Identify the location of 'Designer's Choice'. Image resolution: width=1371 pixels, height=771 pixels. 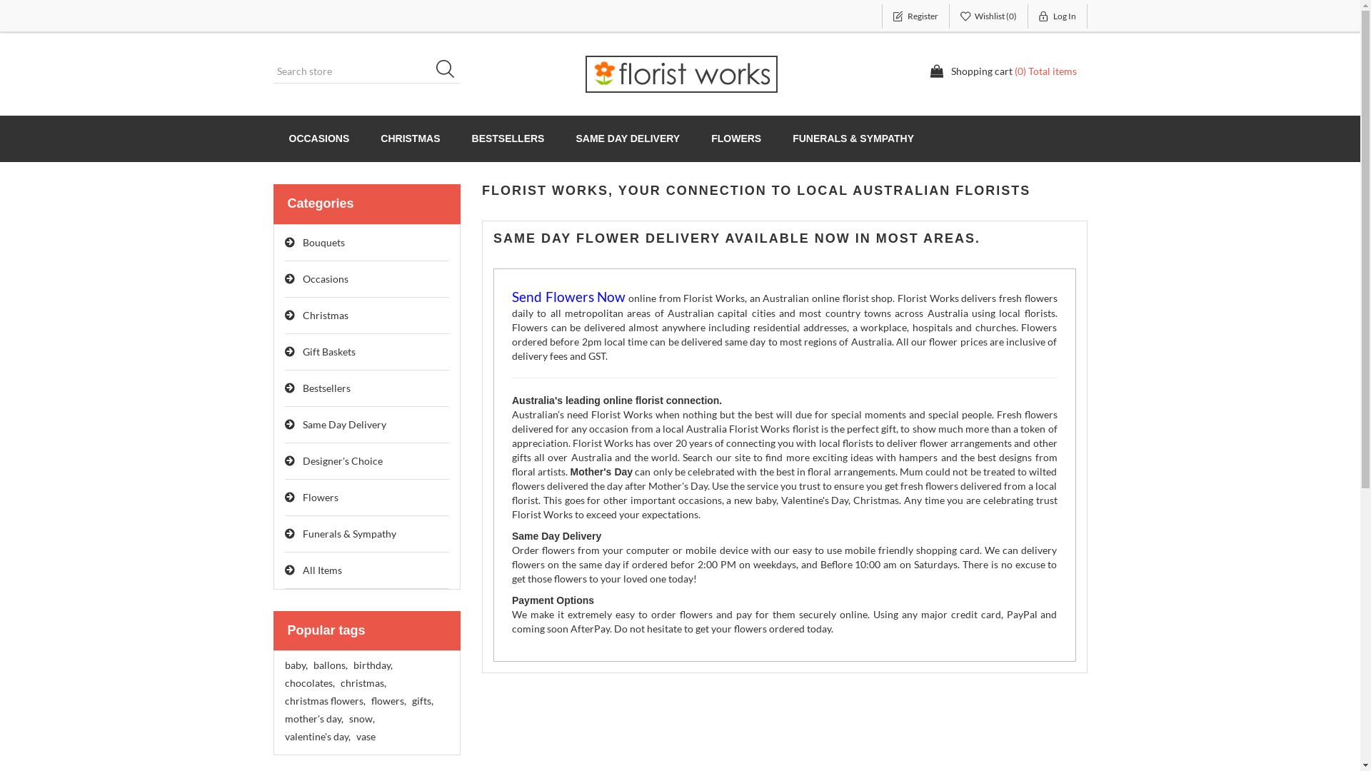
(366, 461).